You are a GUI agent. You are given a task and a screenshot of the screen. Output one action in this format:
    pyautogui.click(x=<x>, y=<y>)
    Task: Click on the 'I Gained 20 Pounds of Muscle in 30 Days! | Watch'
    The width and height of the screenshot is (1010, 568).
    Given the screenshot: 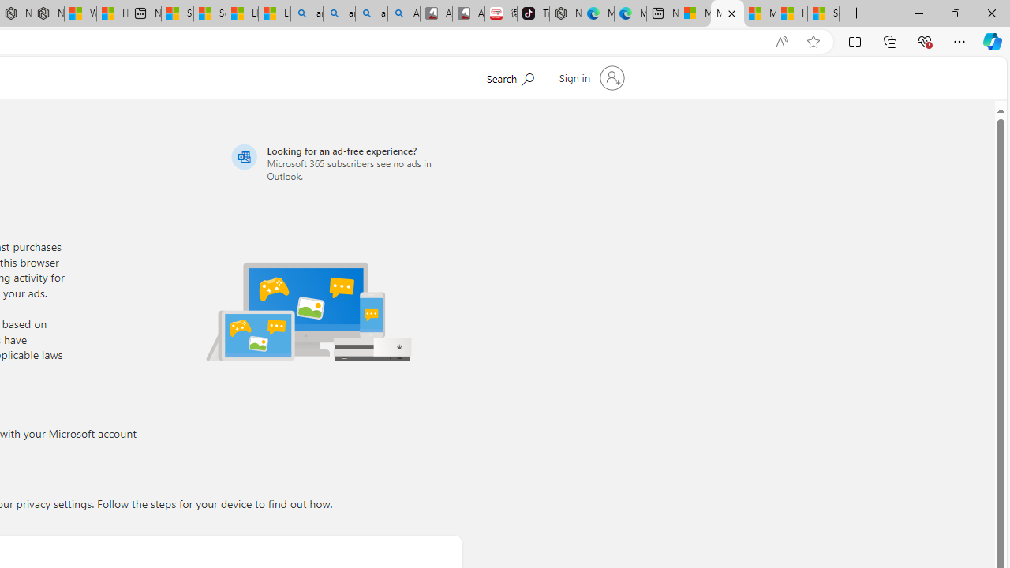 What is the action you would take?
    pyautogui.click(x=791, y=13)
    